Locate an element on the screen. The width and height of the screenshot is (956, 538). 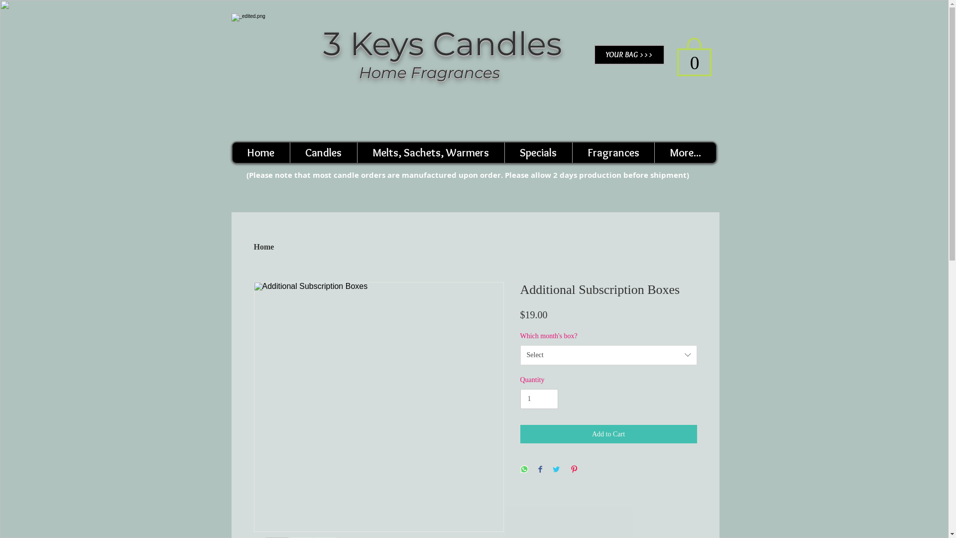
'Specials' is located at coordinates (504, 152).